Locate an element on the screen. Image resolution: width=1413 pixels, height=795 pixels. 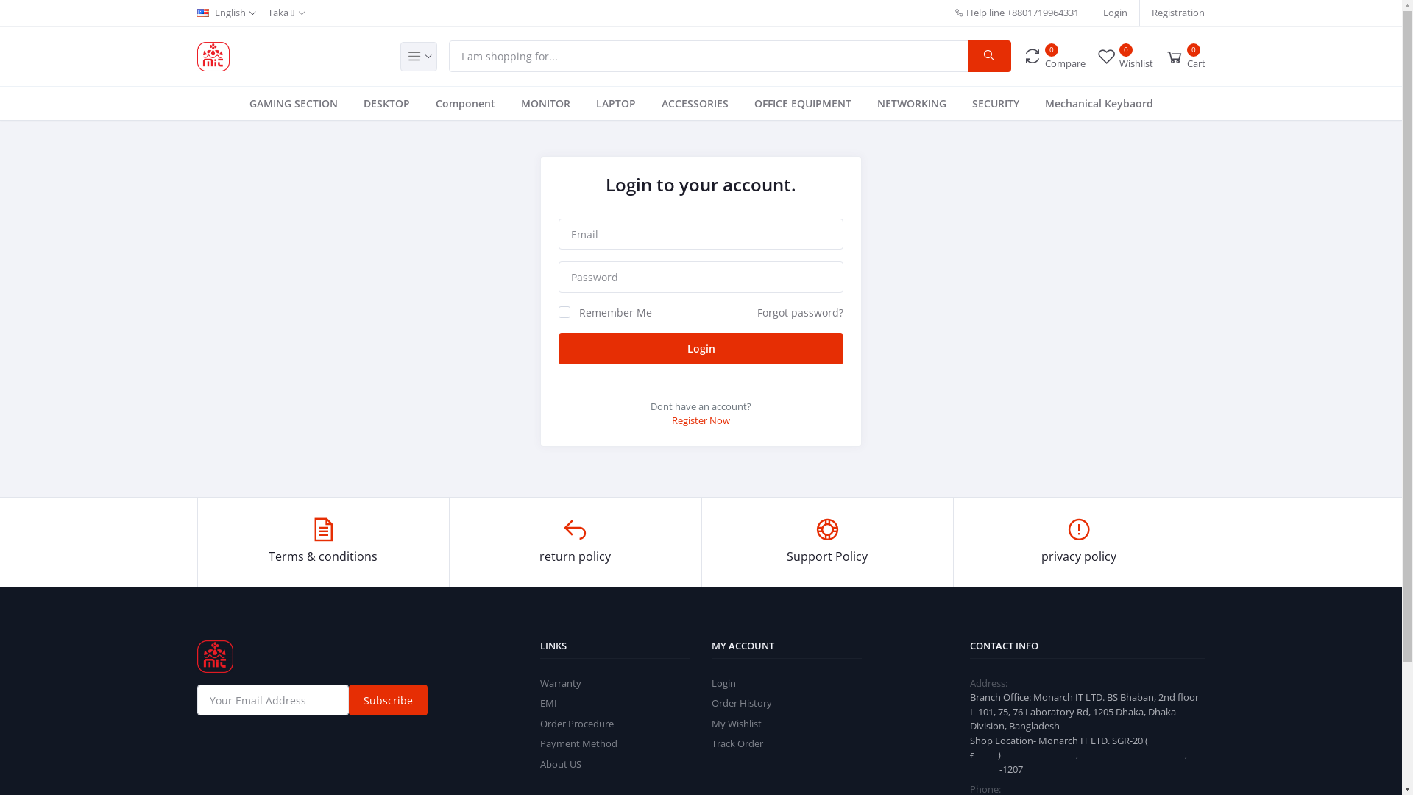
'0 is located at coordinates (1096, 55).